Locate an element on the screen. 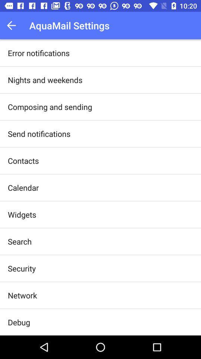  app above the calendar app is located at coordinates (23, 160).